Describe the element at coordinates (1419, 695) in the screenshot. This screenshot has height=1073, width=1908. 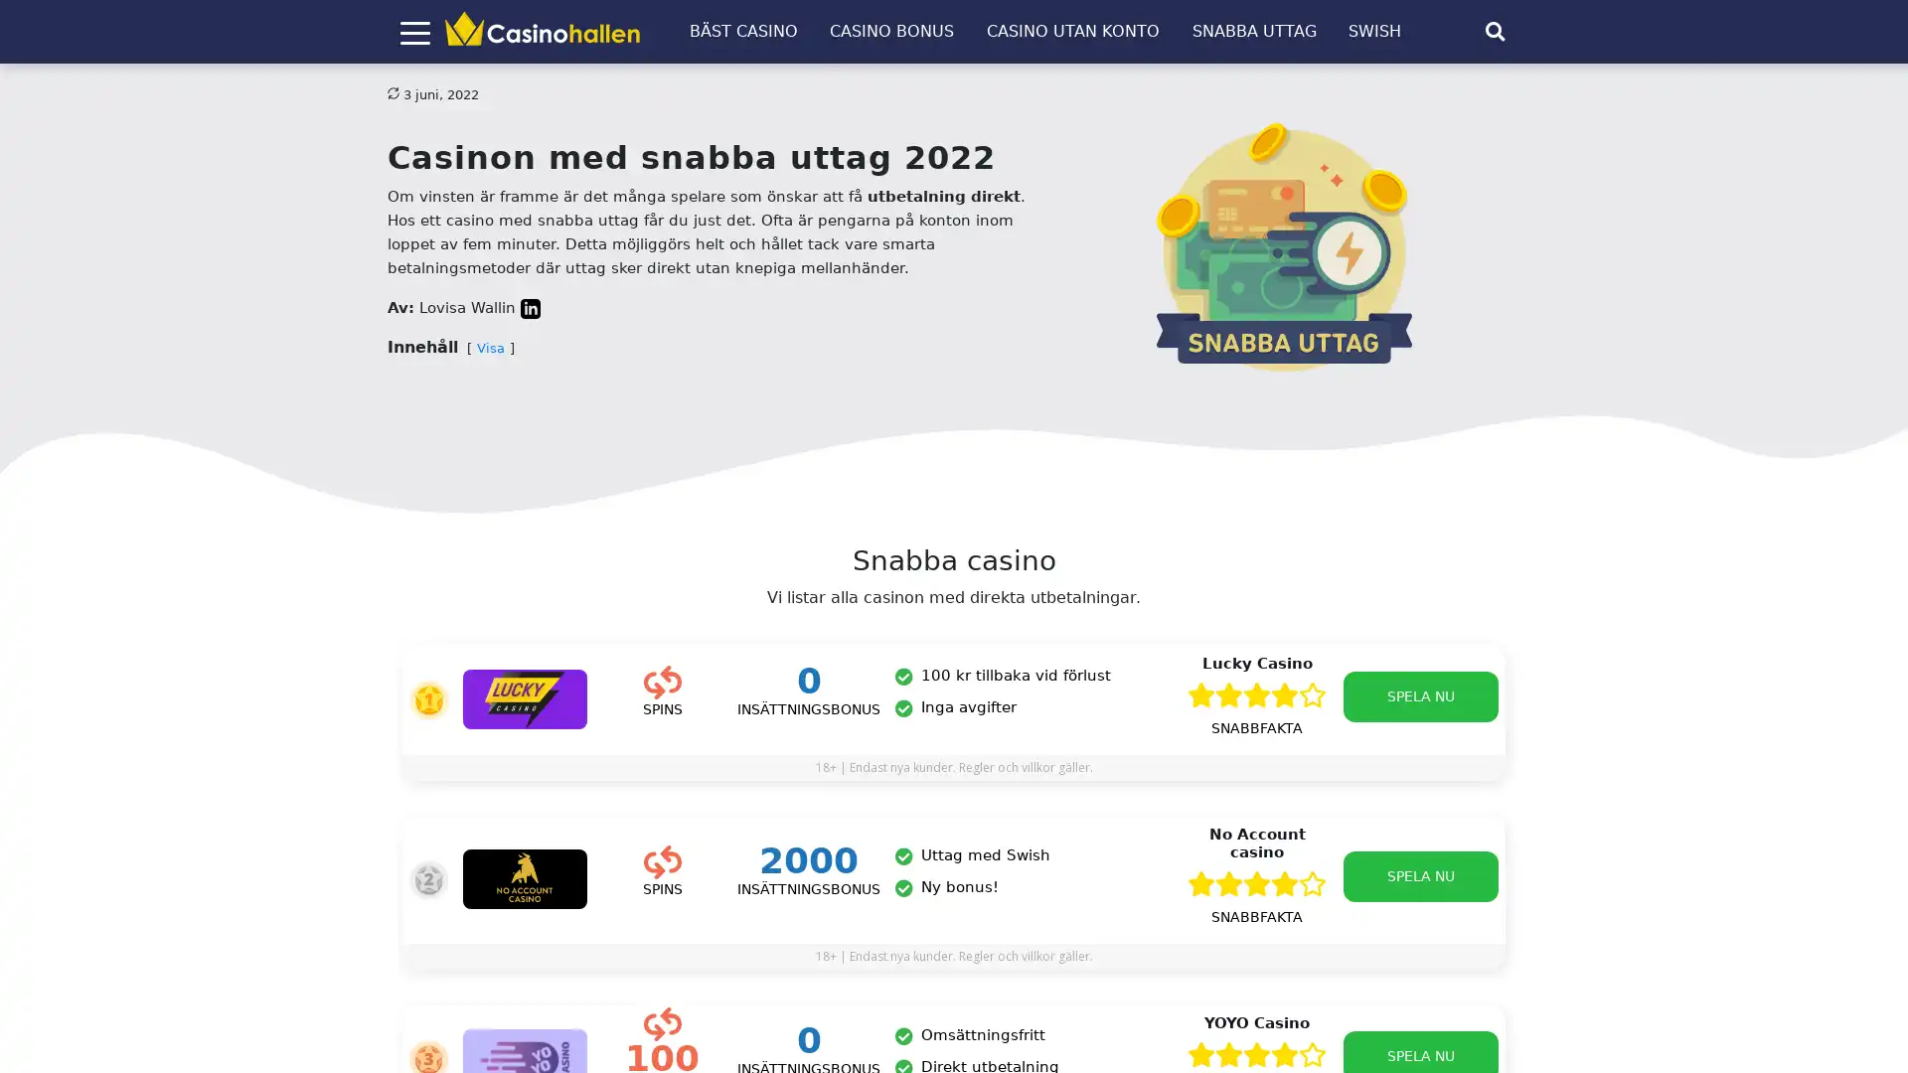
I see `SPELA NU` at that location.